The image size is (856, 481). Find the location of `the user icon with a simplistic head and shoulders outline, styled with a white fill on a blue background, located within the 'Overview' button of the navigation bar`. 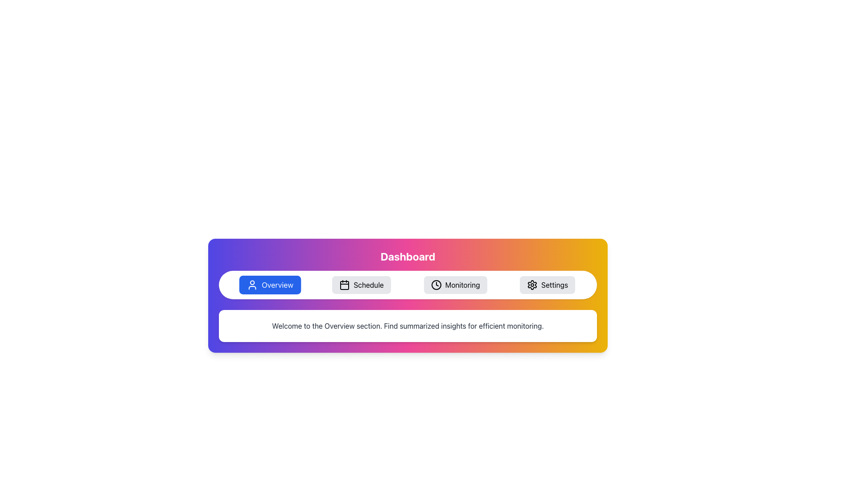

the user icon with a simplistic head and shoulders outline, styled with a white fill on a blue background, located within the 'Overview' button of the navigation bar is located at coordinates (252, 285).